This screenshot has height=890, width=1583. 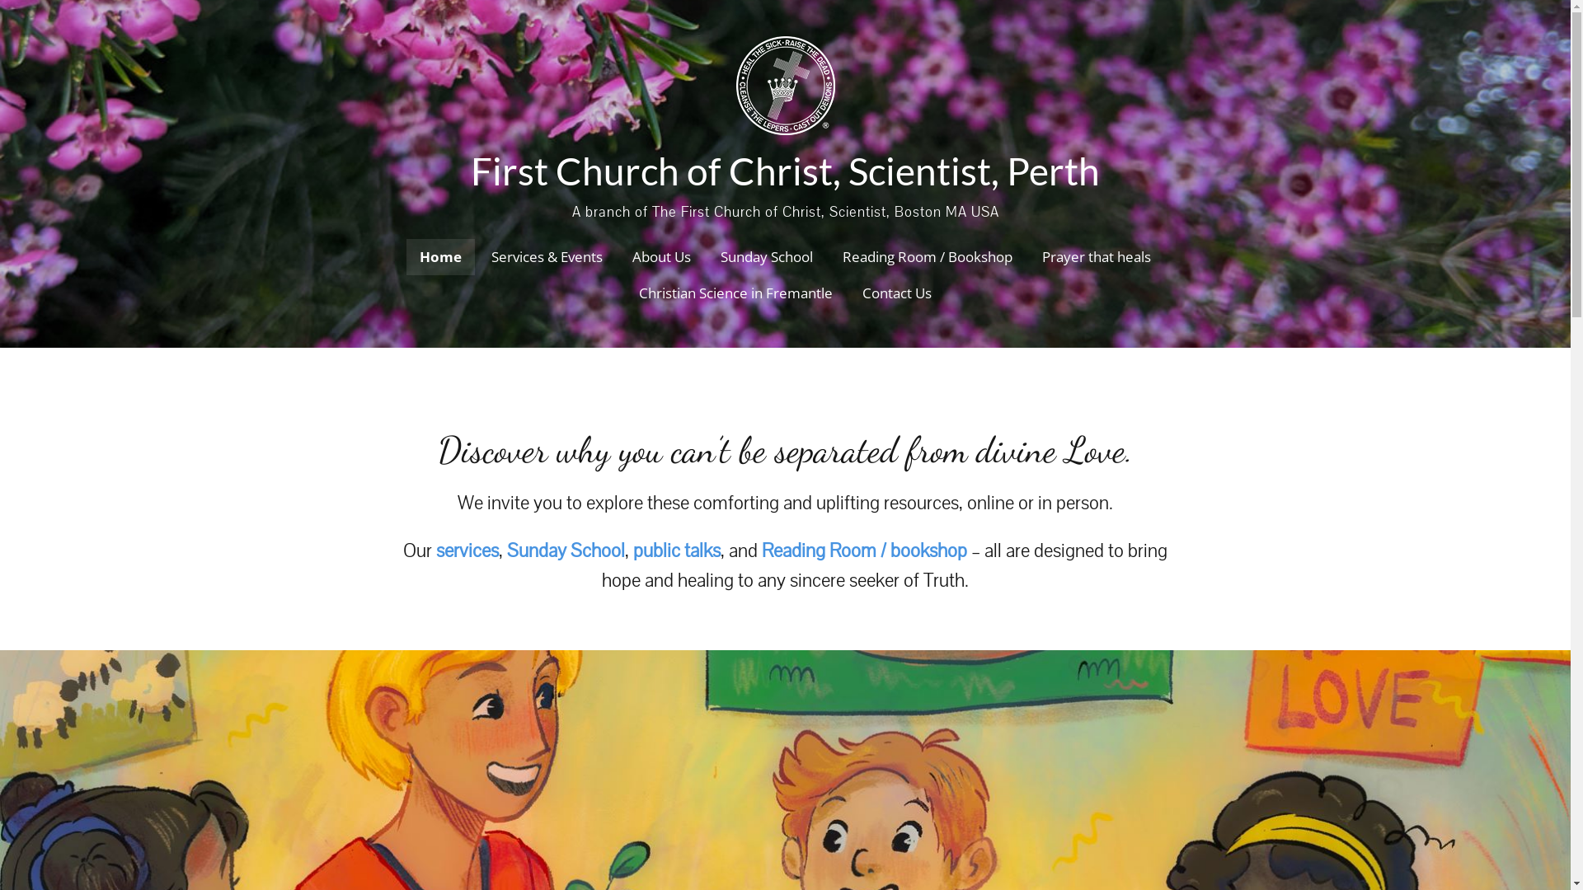 What do you see at coordinates (466, 550) in the screenshot?
I see `'services'` at bounding box center [466, 550].